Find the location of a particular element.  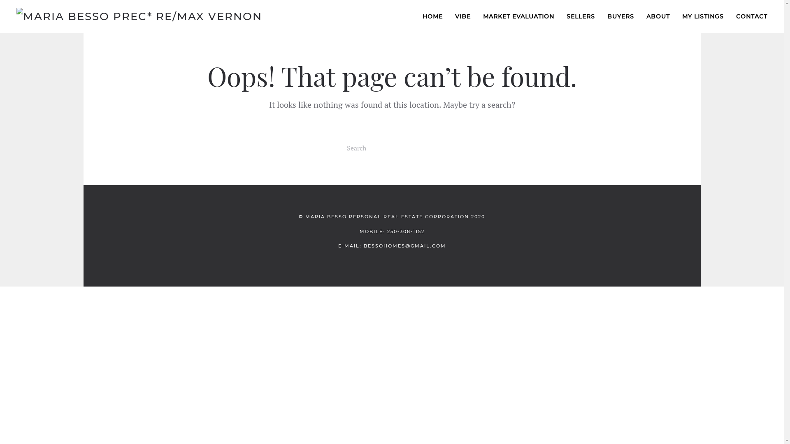

'MY LISTINGS' is located at coordinates (702, 16).